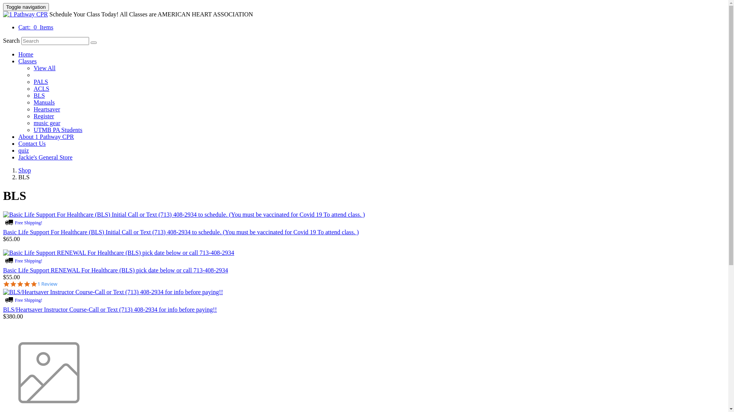 This screenshot has width=734, height=412. What do you see at coordinates (45, 136) in the screenshot?
I see `'About 1 Pathway CPR'` at bounding box center [45, 136].